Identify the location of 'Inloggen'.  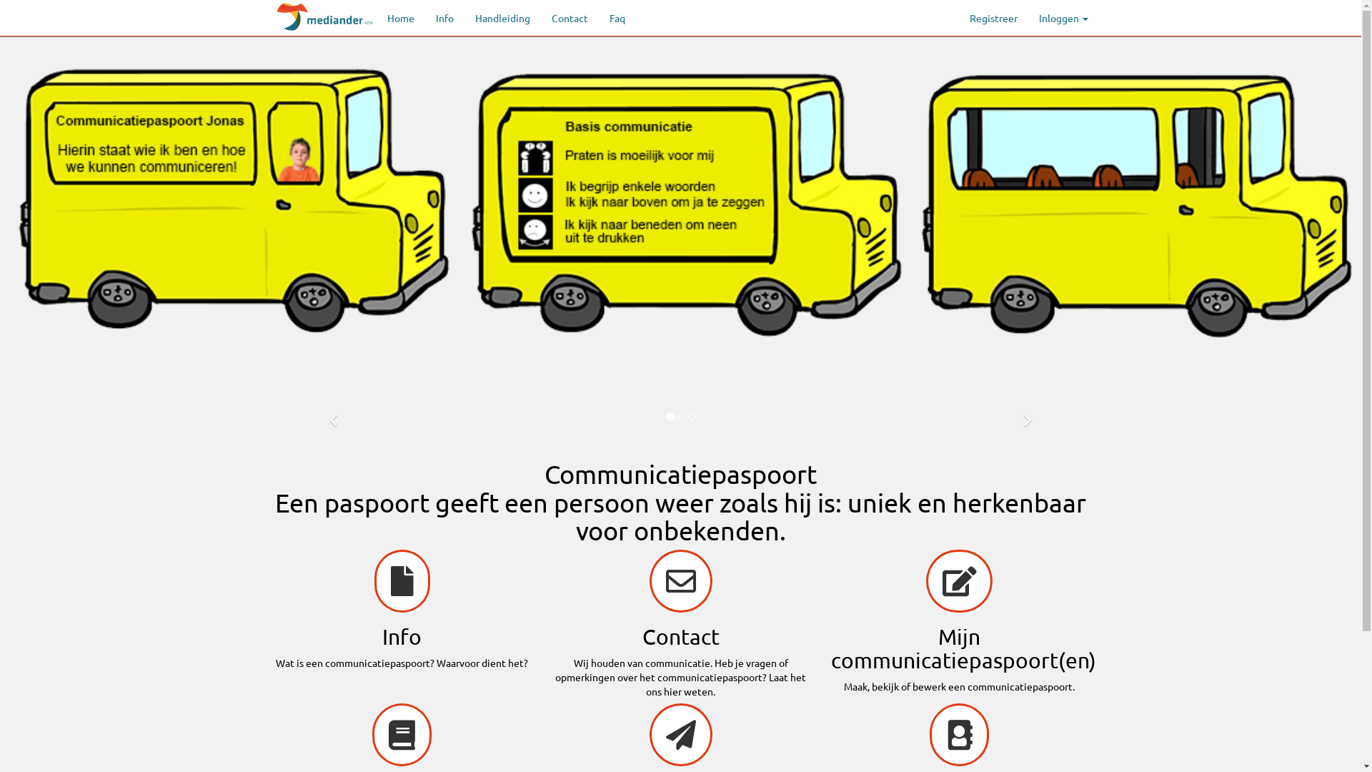
(1063, 17).